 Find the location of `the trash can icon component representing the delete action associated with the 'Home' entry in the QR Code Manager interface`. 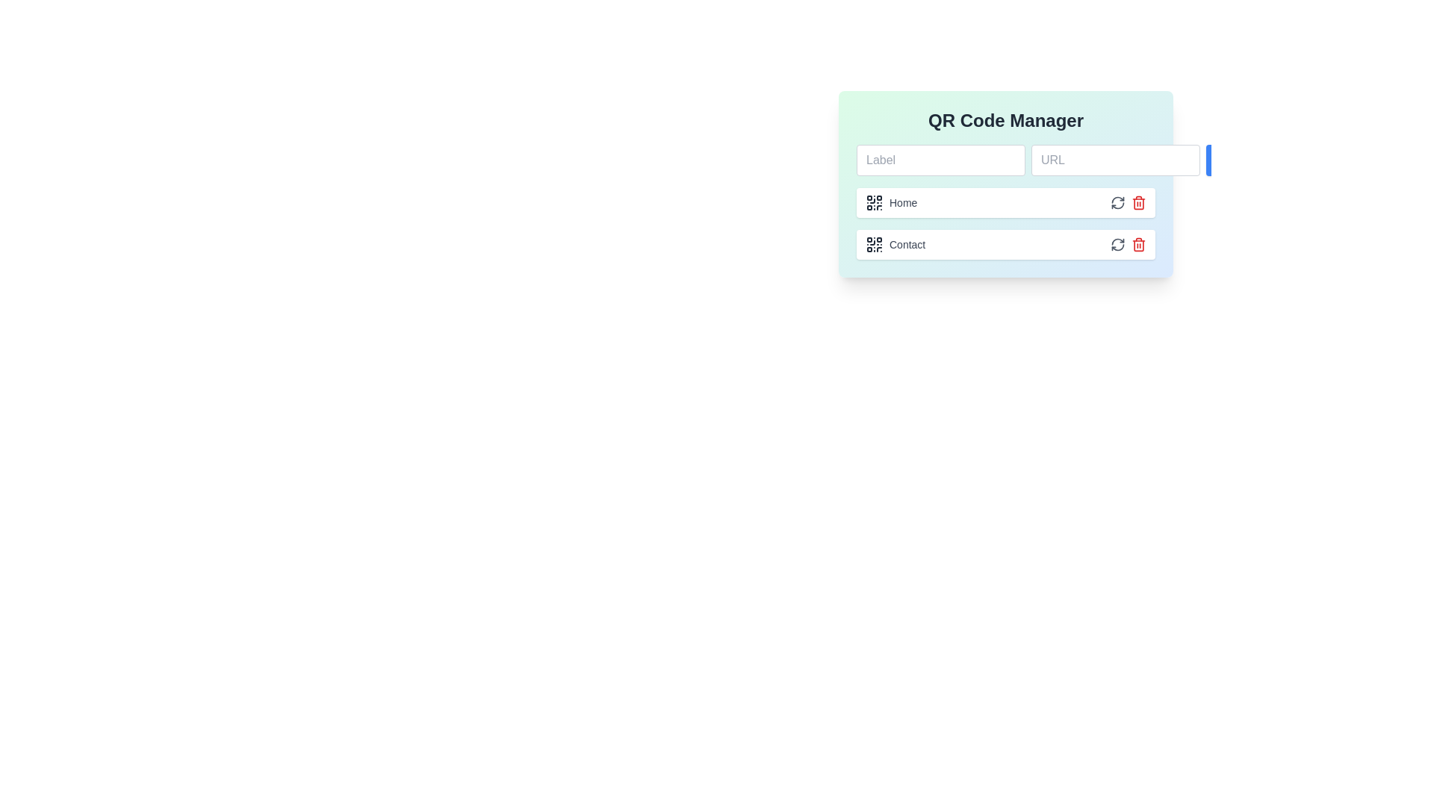

the trash can icon component representing the delete action associated with the 'Home' entry in the QR Code Manager interface is located at coordinates (1138, 244).